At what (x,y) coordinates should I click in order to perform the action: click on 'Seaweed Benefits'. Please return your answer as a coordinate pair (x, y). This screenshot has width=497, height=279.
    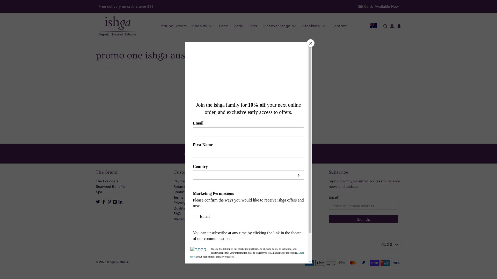
    Looking at the image, I should click on (110, 186).